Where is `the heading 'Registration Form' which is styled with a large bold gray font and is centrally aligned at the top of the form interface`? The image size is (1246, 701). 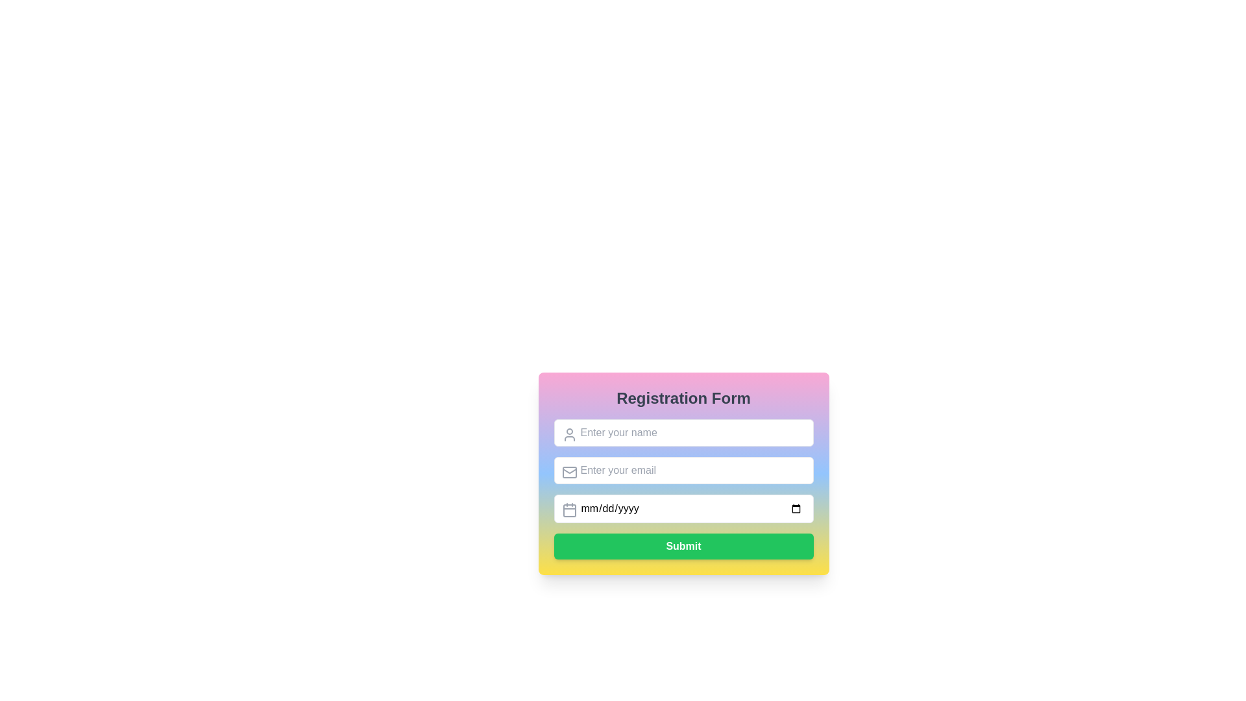 the heading 'Registration Form' which is styled with a large bold gray font and is centrally aligned at the top of the form interface is located at coordinates (683, 397).